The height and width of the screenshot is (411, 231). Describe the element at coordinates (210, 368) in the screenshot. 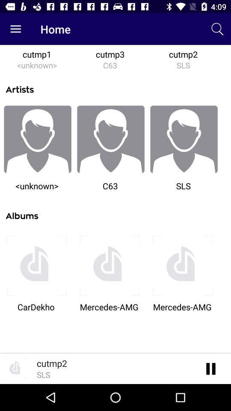

I see `pause the music` at that location.